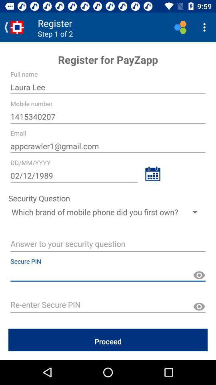 The height and width of the screenshot is (385, 216). Describe the element at coordinates (198, 306) in the screenshot. I see `the visibility icon` at that location.